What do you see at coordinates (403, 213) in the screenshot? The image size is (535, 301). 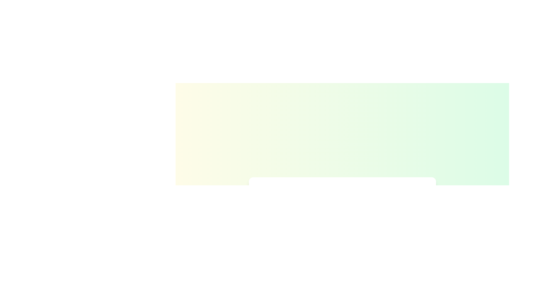 I see `the slider` at bounding box center [403, 213].